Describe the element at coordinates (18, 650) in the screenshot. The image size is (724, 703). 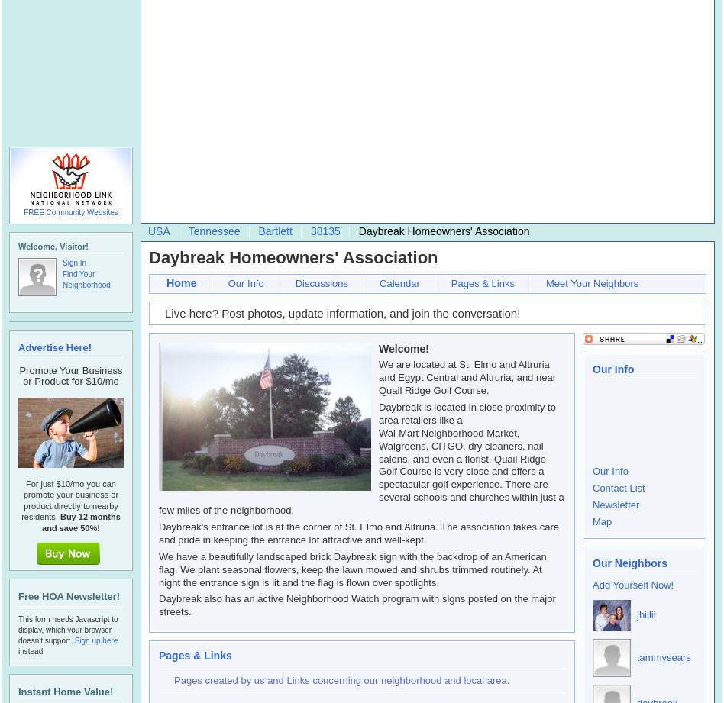
I see `'instead'` at that location.